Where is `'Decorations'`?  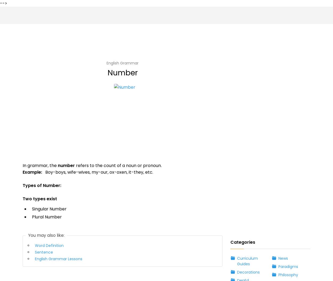
'Decorations' is located at coordinates (245, 72).